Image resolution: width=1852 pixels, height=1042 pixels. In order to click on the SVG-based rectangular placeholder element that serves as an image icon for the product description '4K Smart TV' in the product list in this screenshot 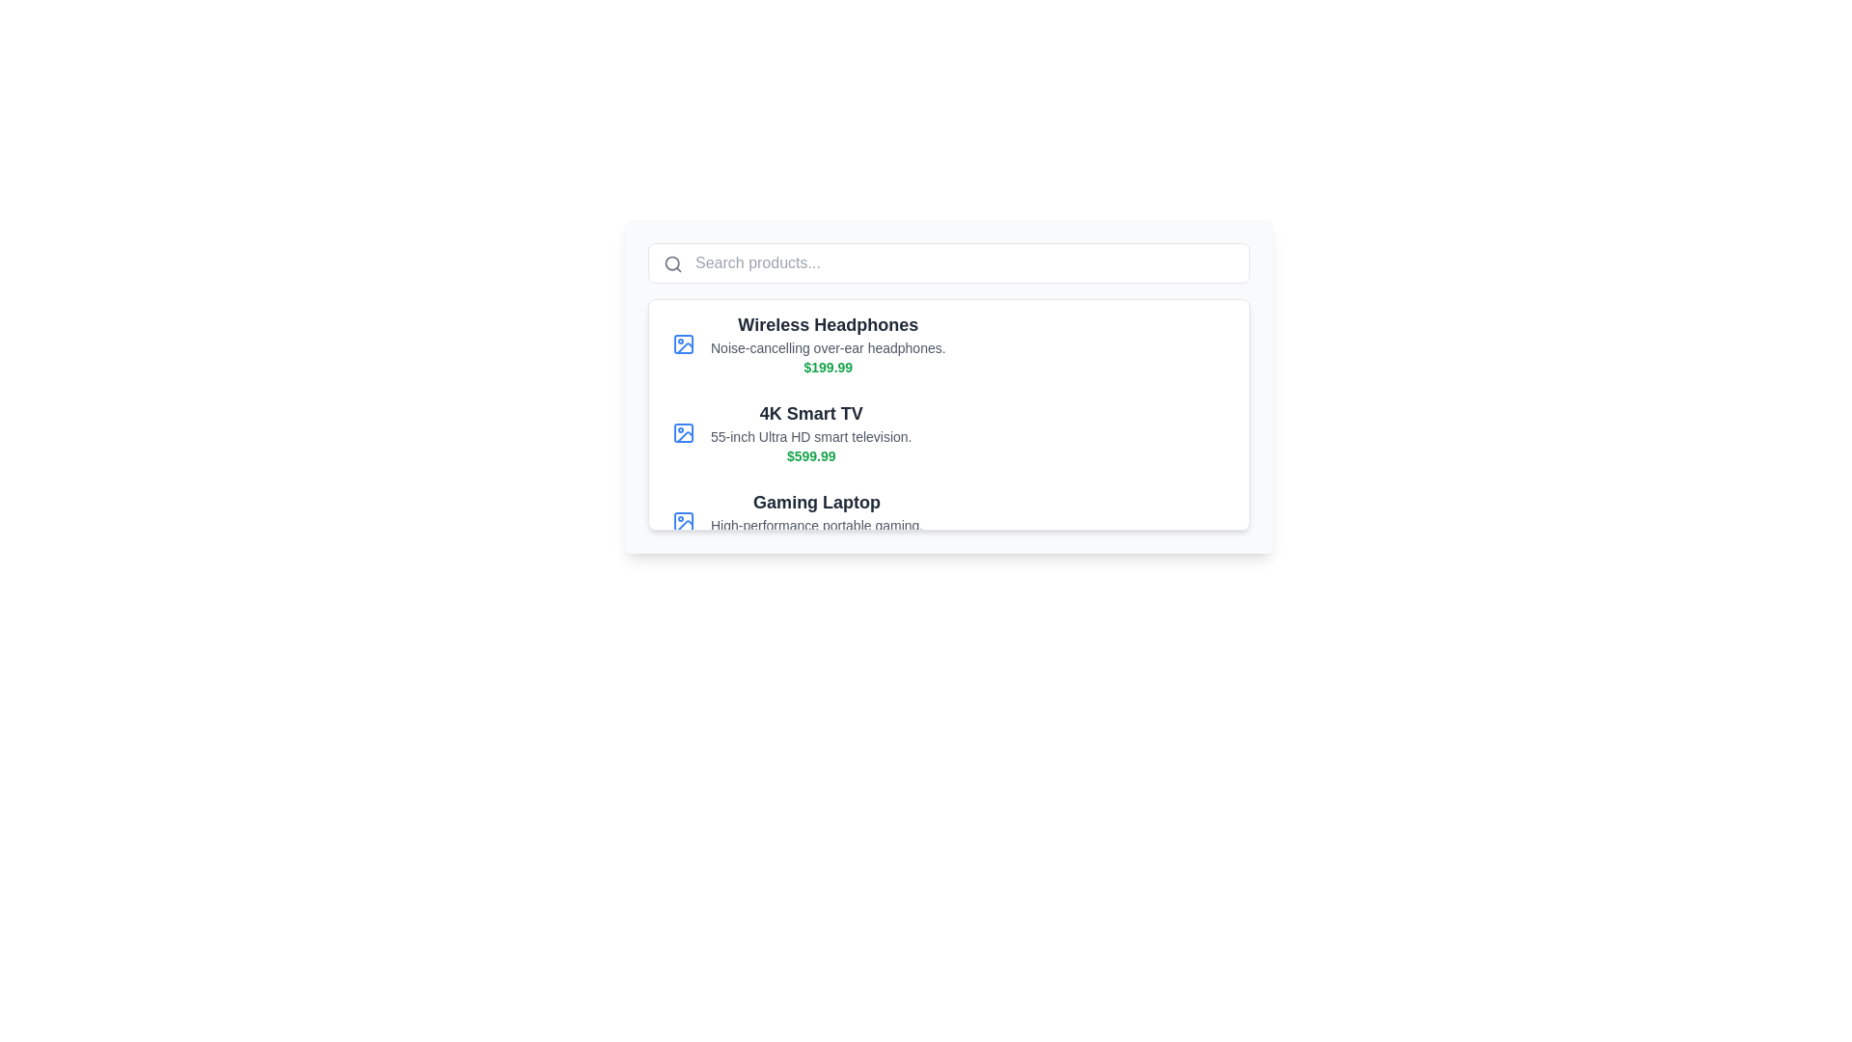, I will do `click(684, 343)`.